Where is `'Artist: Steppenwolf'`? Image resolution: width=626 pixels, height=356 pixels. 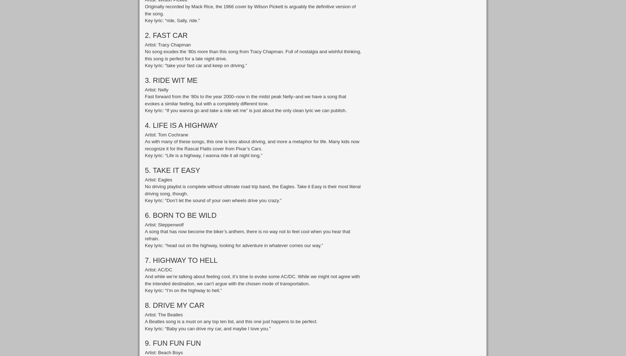
'Artist: Steppenwolf' is located at coordinates (164, 224).